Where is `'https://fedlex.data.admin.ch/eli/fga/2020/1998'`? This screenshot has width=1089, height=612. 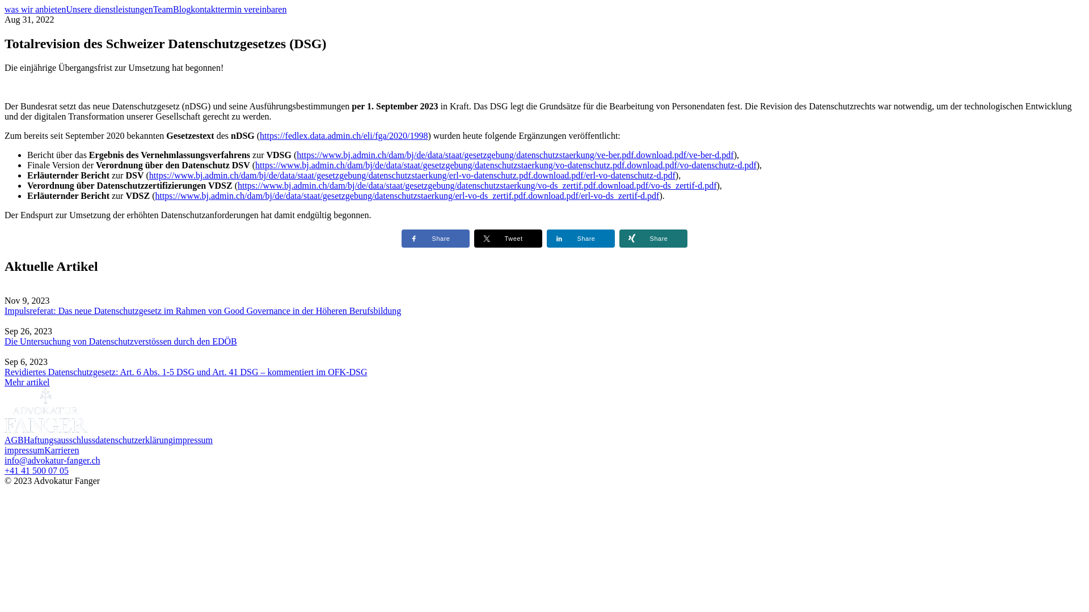 'https://fedlex.data.admin.ch/eli/fga/2020/1998' is located at coordinates (343, 135).